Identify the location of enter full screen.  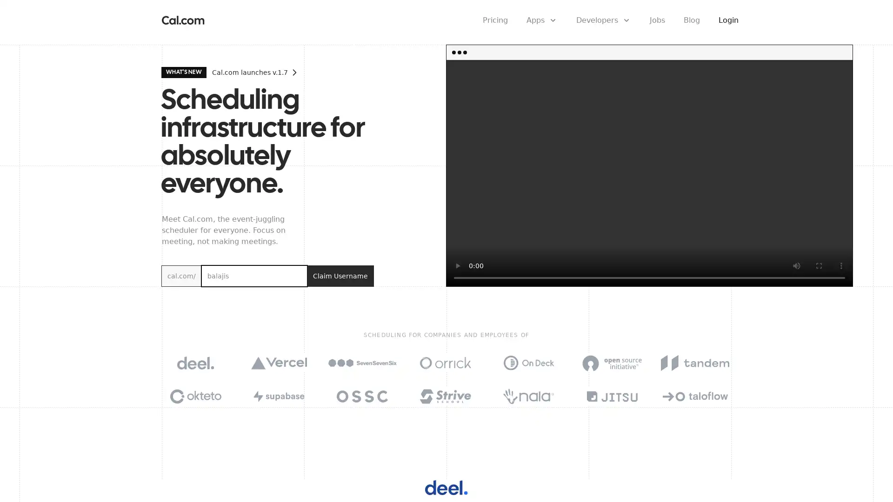
(819, 265).